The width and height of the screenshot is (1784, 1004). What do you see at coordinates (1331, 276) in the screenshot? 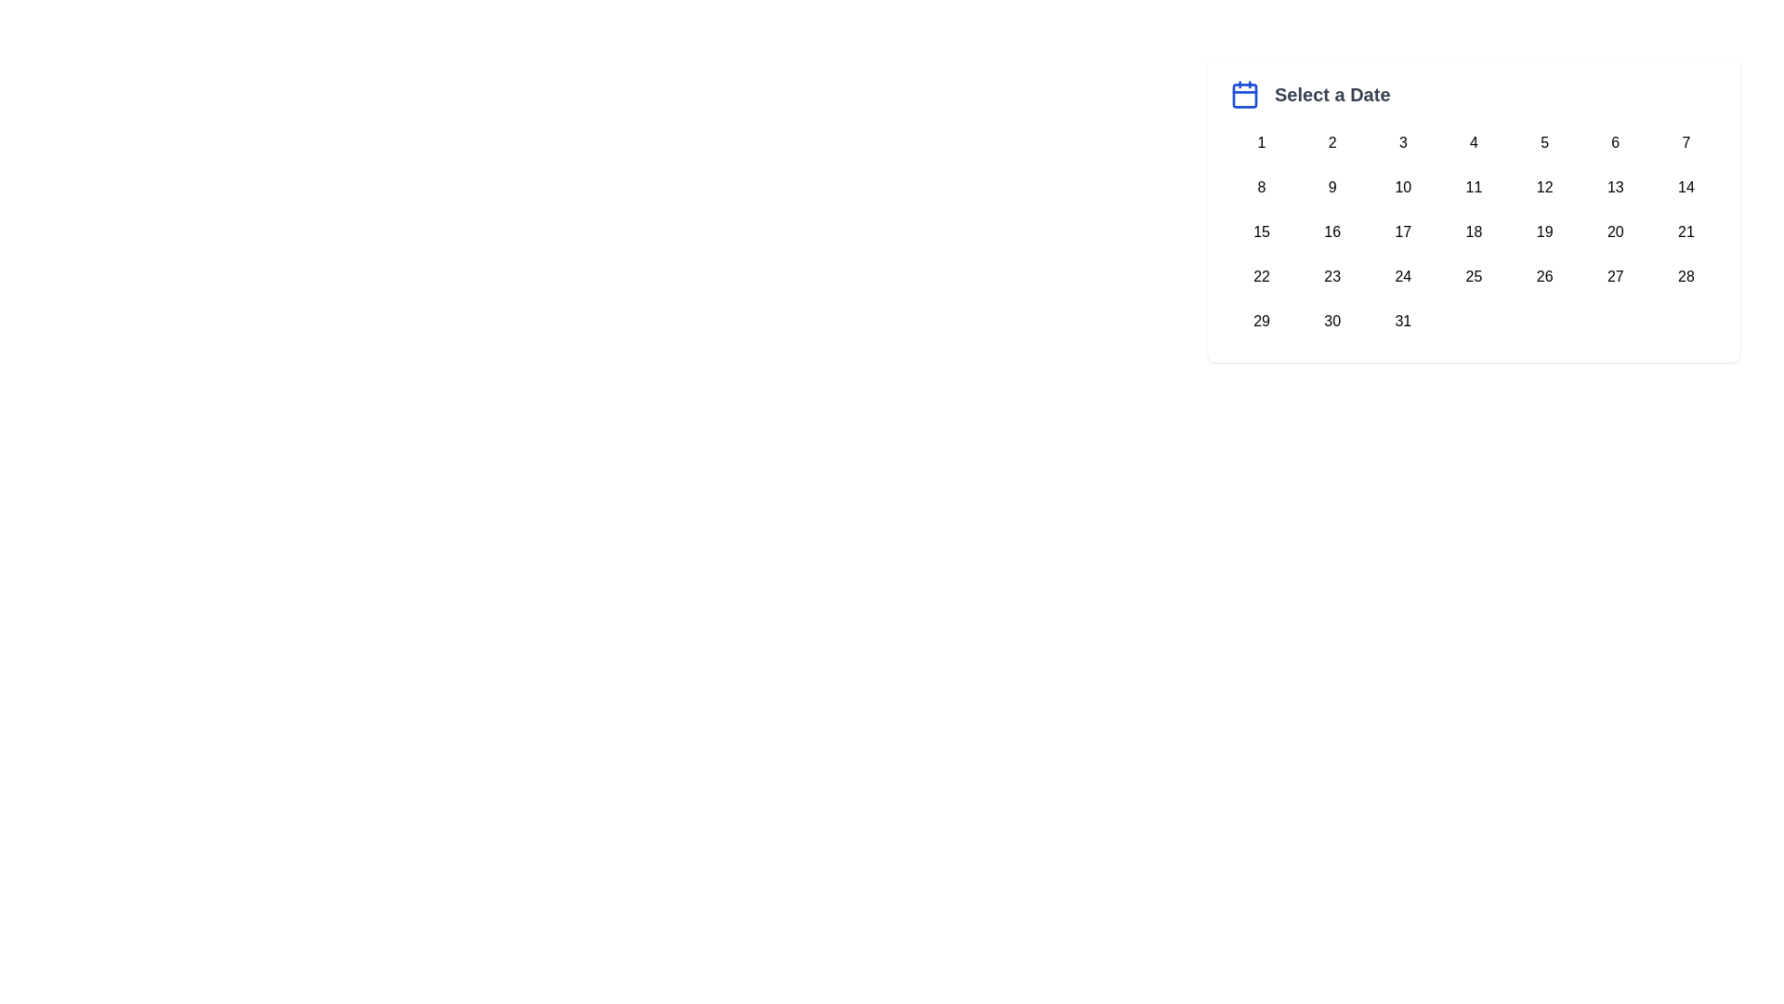
I see `the clickable calendar day representing the date 23 in the calendar interface` at bounding box center [1331, 276].